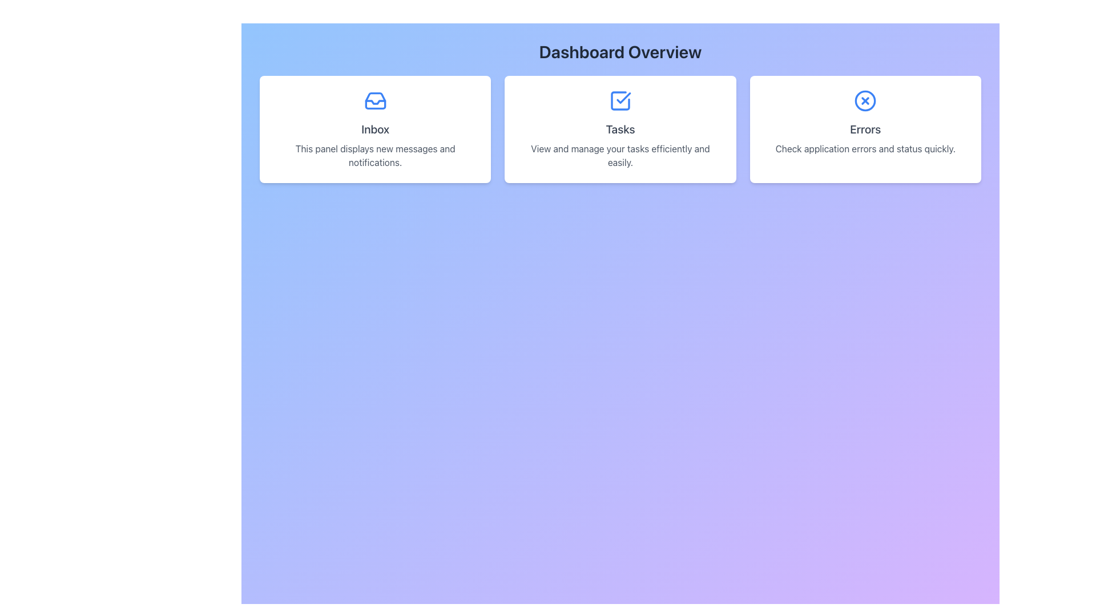 The height and width of the screenshot is (616, 1096). I want to click on the 'Errors' informational card located in the Dashboard Overview section, so click(865, 129).